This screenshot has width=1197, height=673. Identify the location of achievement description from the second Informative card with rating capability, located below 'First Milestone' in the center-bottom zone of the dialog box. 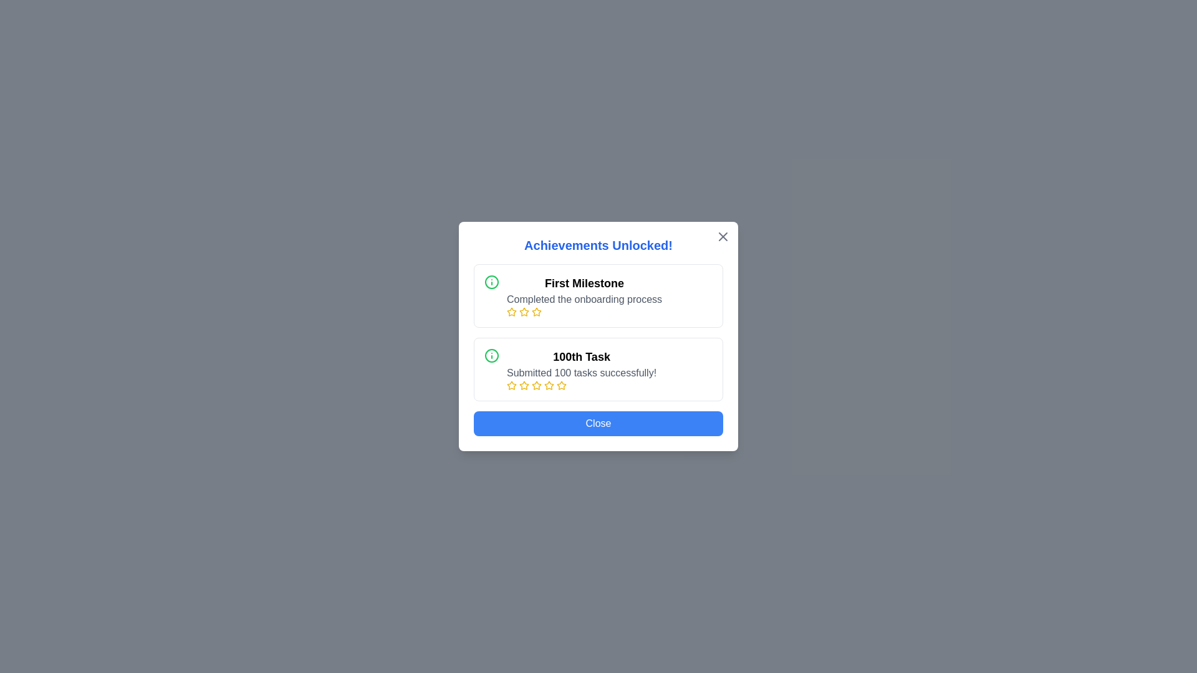
(598, 369).